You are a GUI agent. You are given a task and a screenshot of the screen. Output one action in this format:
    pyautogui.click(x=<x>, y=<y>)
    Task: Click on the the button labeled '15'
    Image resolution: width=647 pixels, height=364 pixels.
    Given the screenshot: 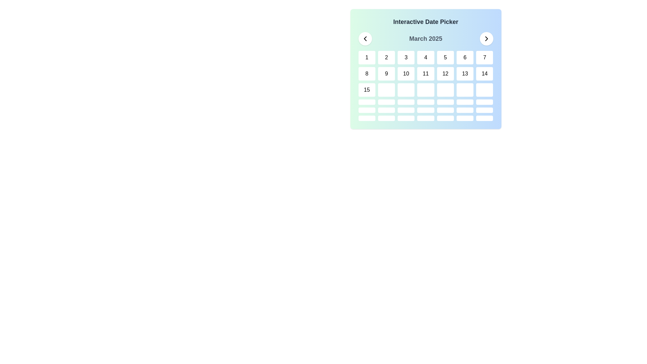 What is the action you would take?
    pyautogui.click(x=366, y=89)
    